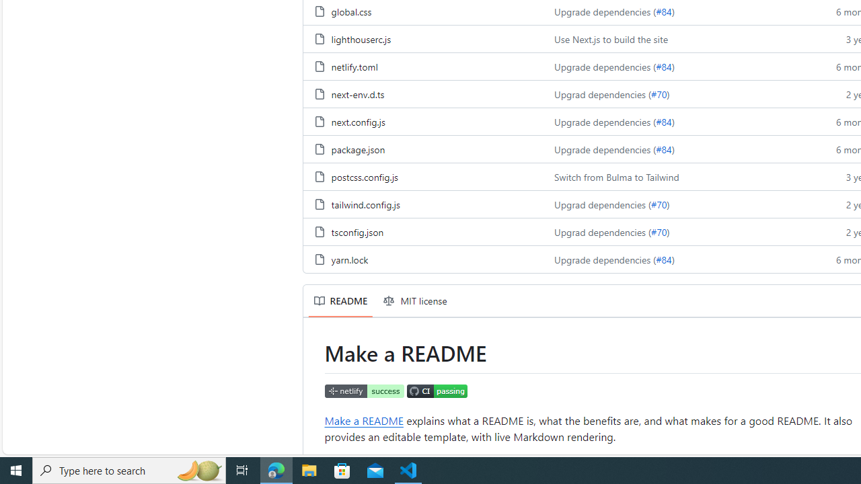 The width and height of the screenshot is (861, 484). What do you see at coordinates (349, 259) in the screenshot?
I see `'yarn.lock, (File)'` at bounding box center [349, 259].